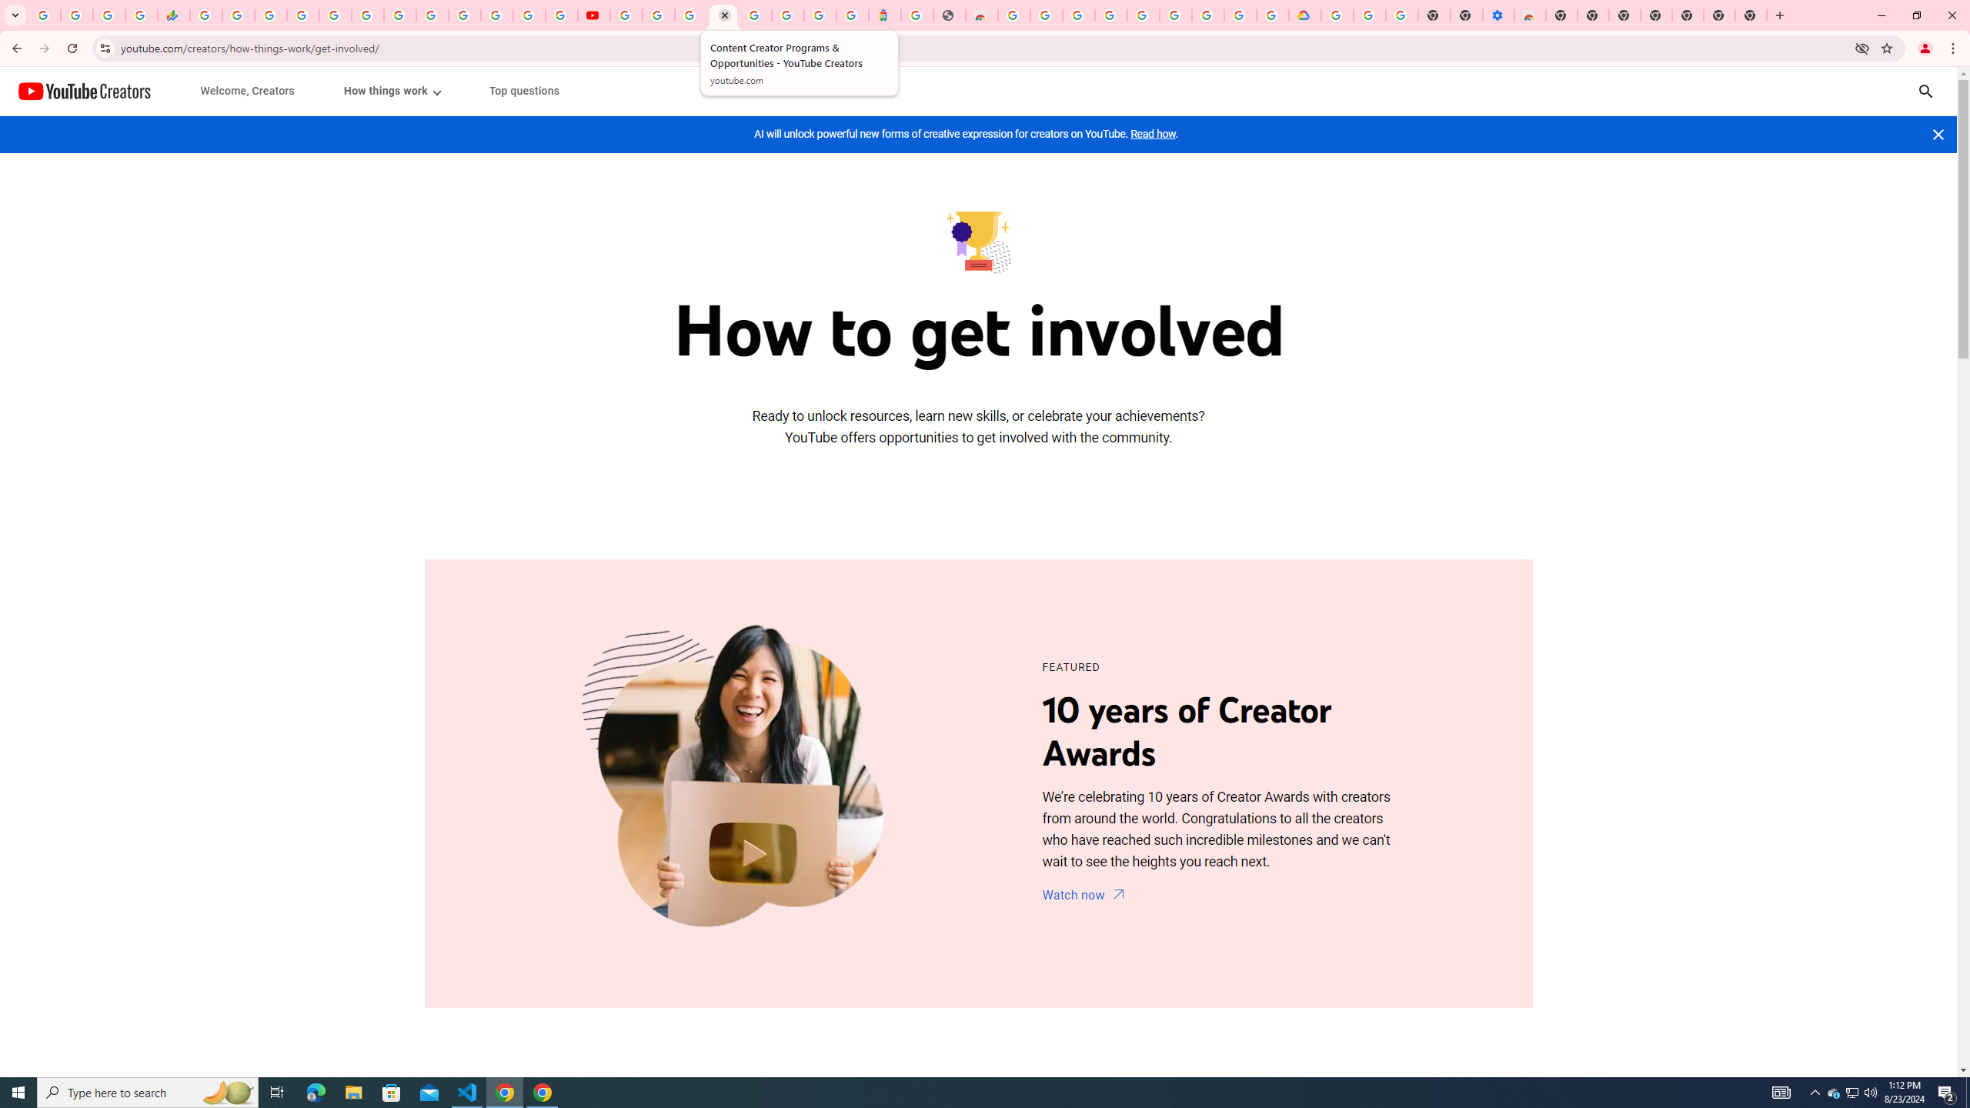 This screenshot has height=1108, width=1970. I want to click on 'Ad Settings', so click(1078, 15).